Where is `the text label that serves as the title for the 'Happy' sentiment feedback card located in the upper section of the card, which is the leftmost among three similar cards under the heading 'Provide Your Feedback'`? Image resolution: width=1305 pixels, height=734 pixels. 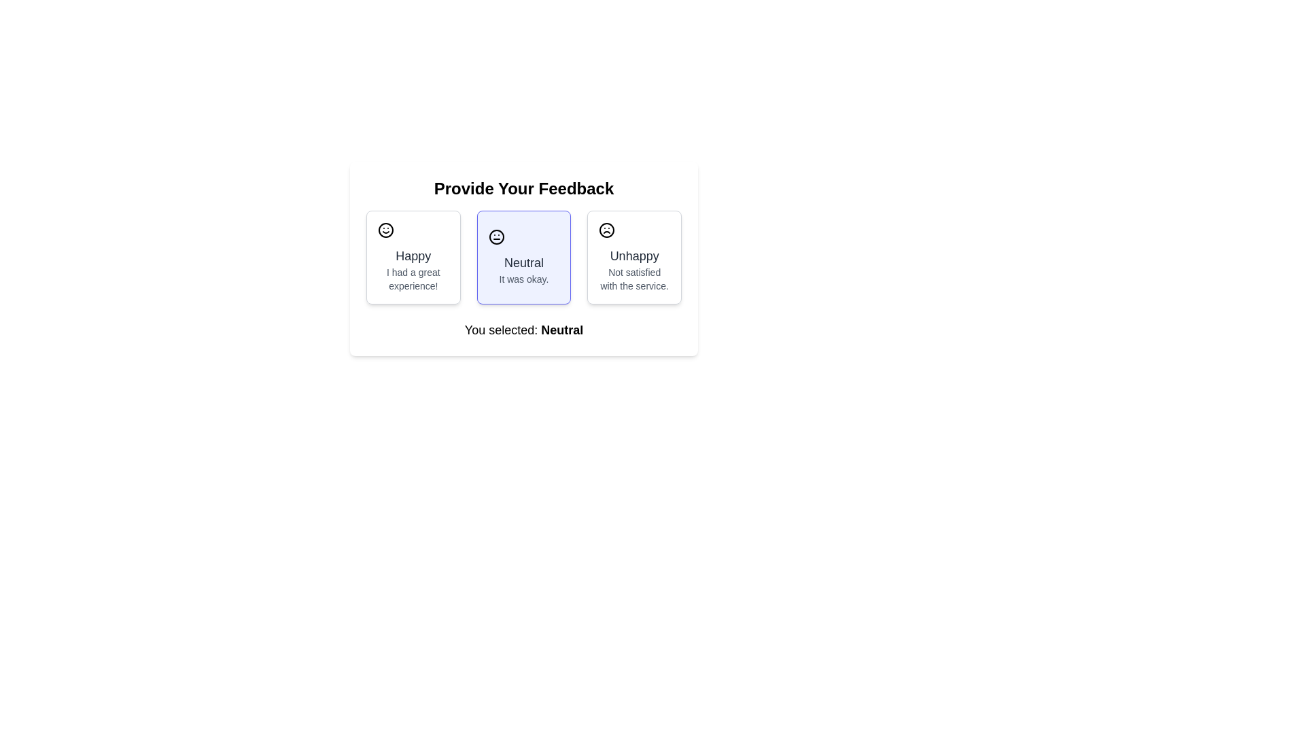
the text label that serves as the title for the 'Happy' sentiment feedback card located in the upper section of the card, which is the leftmost among three similar cards under the heading 'Provide Your Feedback' is located at coordinates (413, 256).